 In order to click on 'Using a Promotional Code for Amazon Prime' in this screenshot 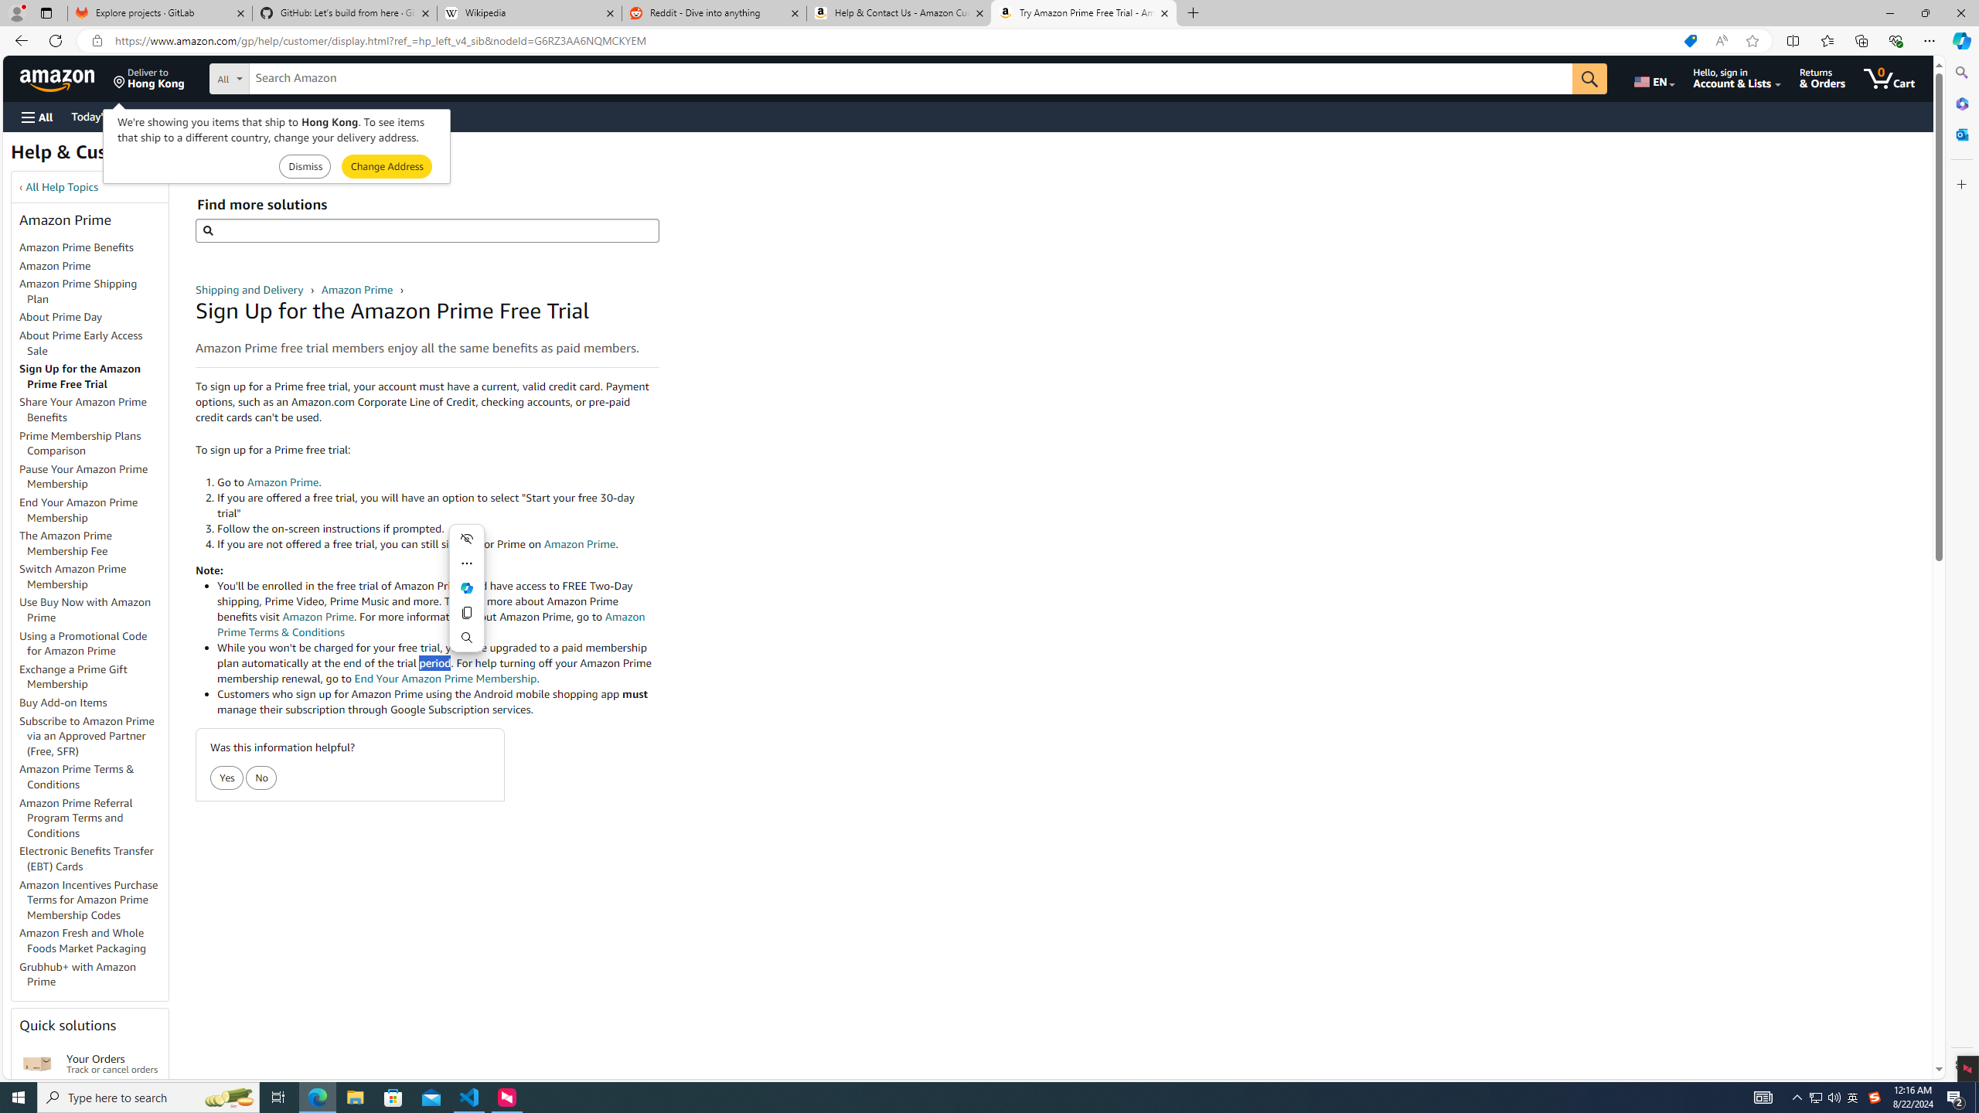, I will do `click(94, 643)`.